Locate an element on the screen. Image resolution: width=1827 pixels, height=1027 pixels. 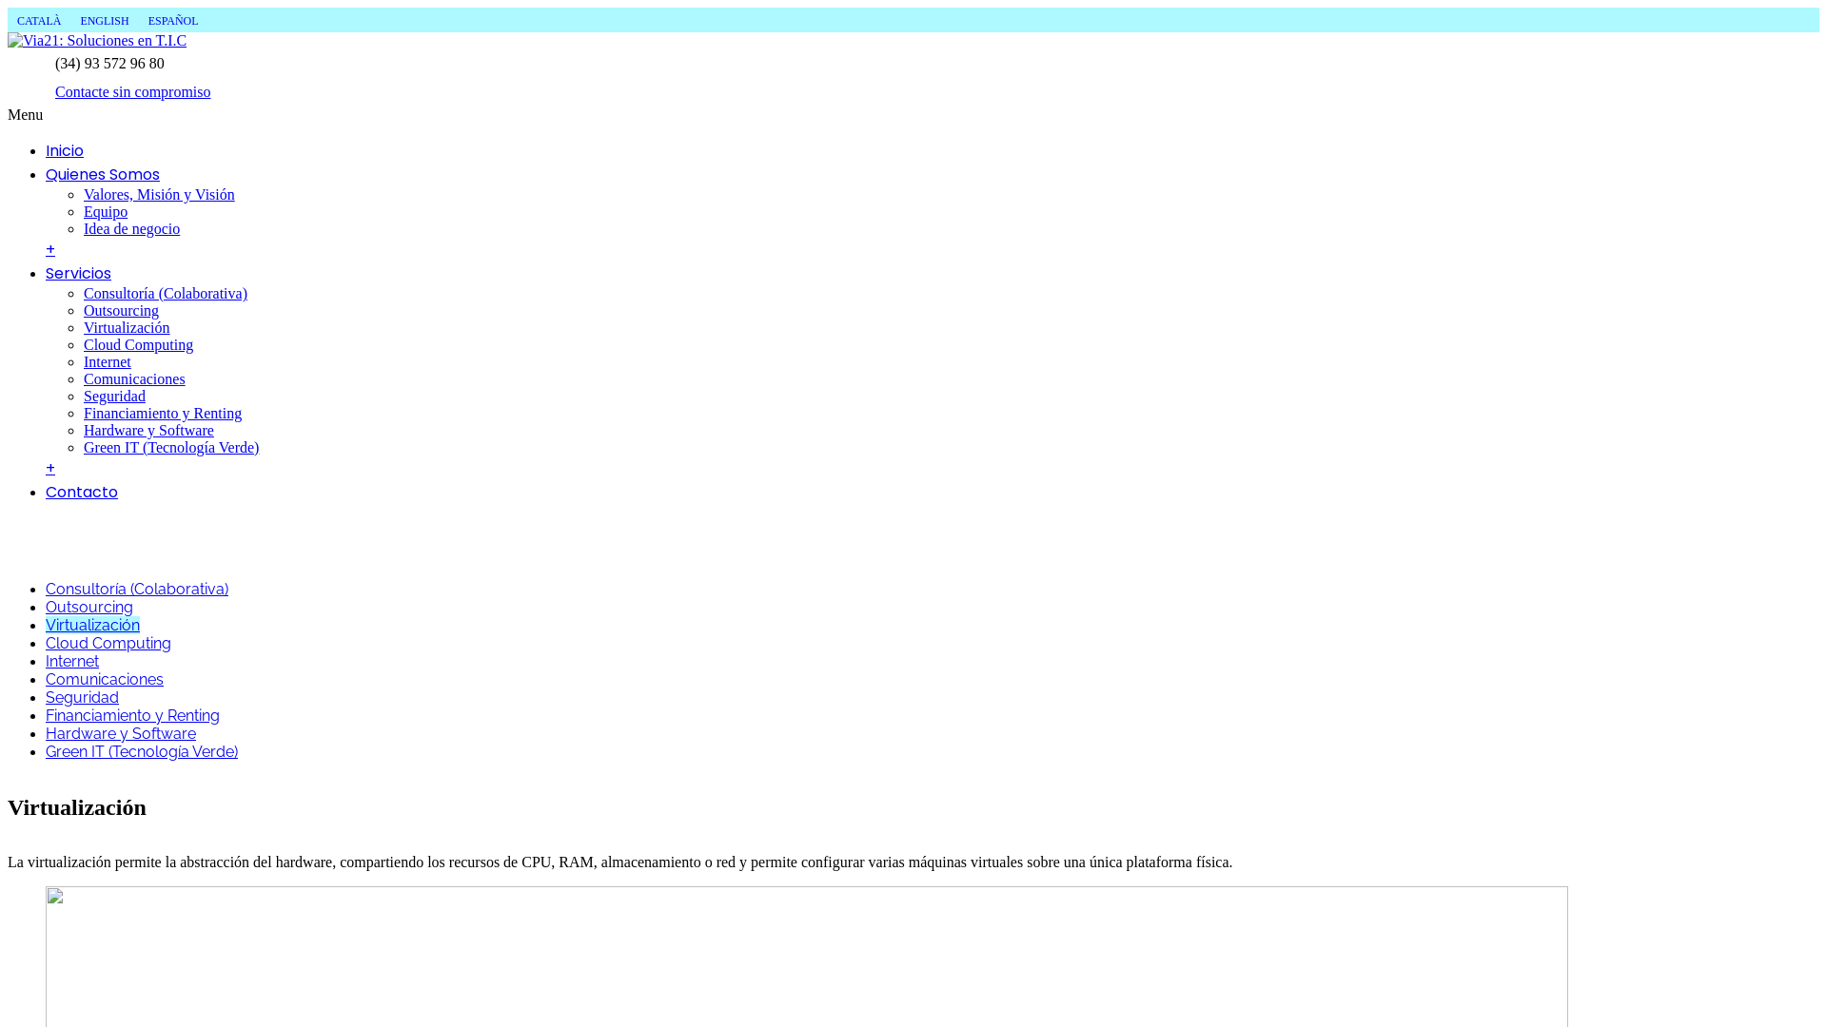
'Comunicaciones' is located at coordinates (104, 678).